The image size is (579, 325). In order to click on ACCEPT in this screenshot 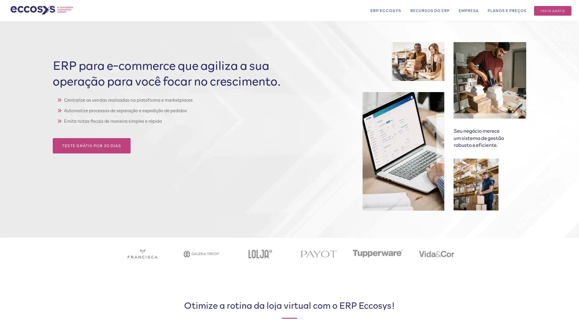, I will do `click(529, 291)`.